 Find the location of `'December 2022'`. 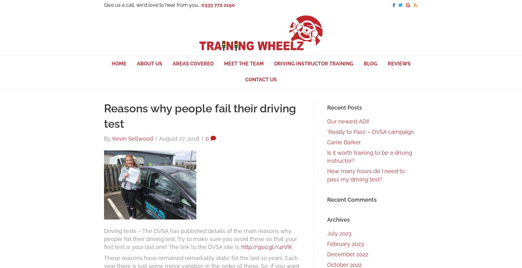

'December 2022' is located at coordinates (327, 254).